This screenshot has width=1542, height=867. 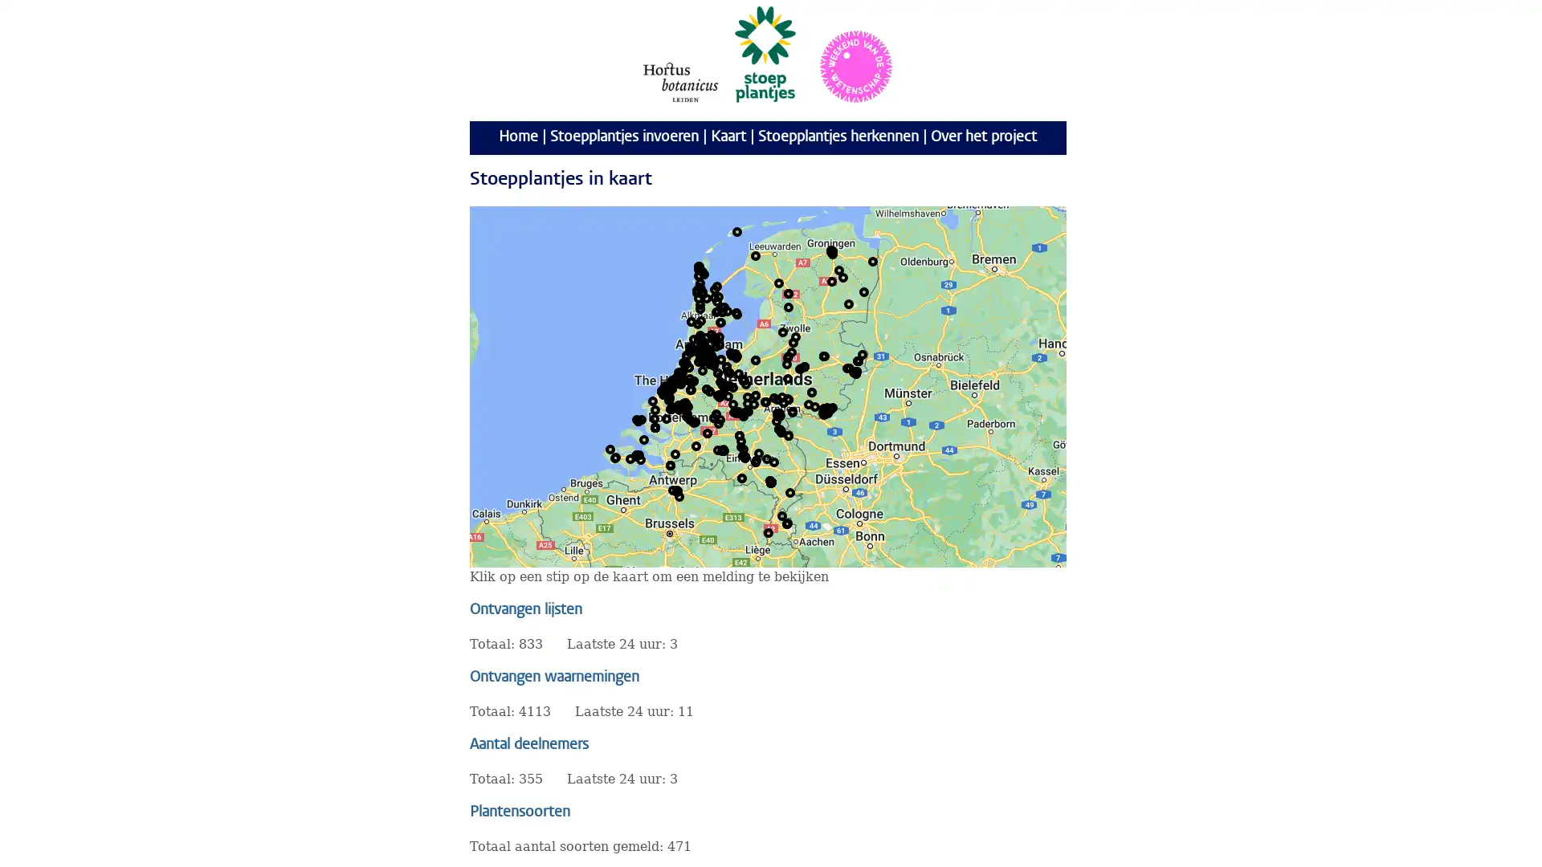 What do you see at coordinates (743, 414) in the screenshot?
I see `Telling van Marijke Mauritsz op 14 oktober 2021` at bounding box center [743, 414].